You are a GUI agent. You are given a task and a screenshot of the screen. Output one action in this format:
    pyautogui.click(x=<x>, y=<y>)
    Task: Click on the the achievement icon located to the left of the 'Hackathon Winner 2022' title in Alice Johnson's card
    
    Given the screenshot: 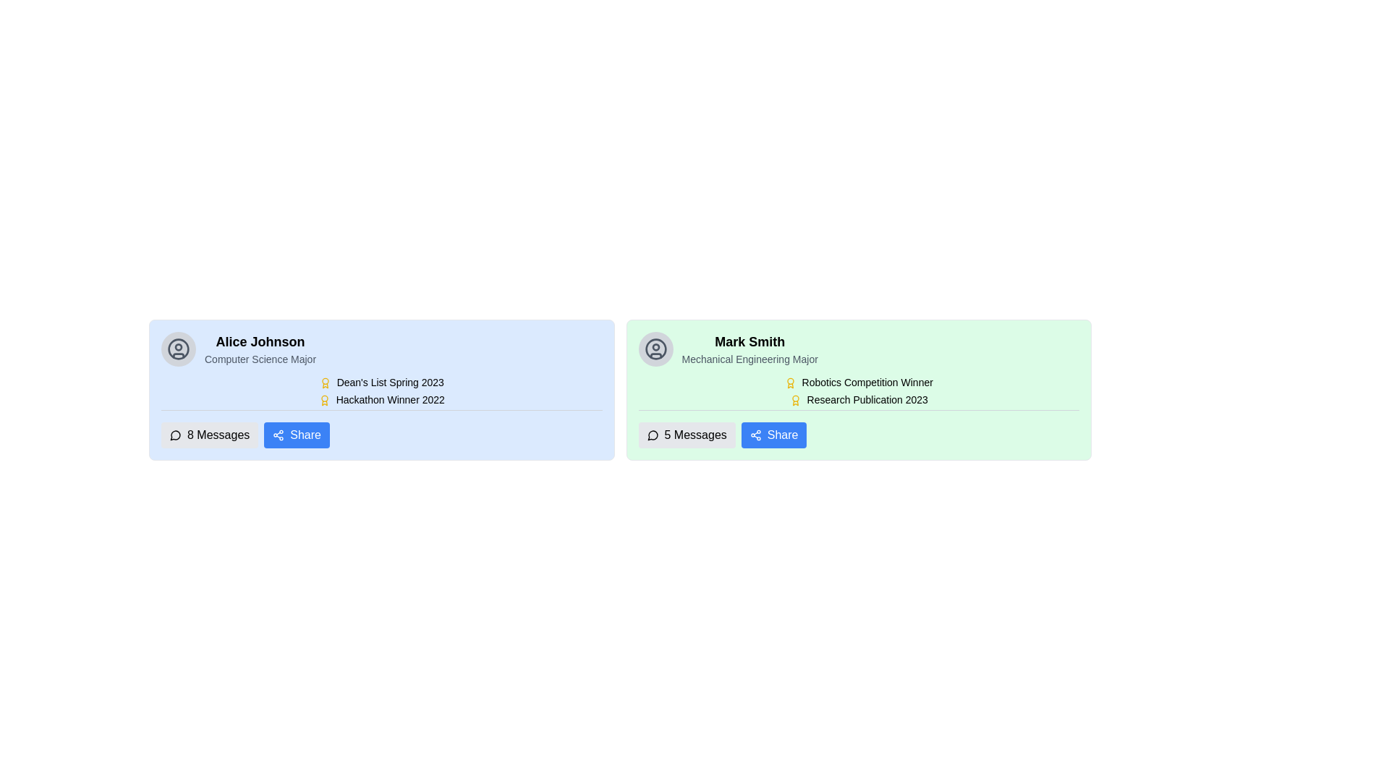 What is the action you would take?
    pyautogui.click(x=323, y=401)
    